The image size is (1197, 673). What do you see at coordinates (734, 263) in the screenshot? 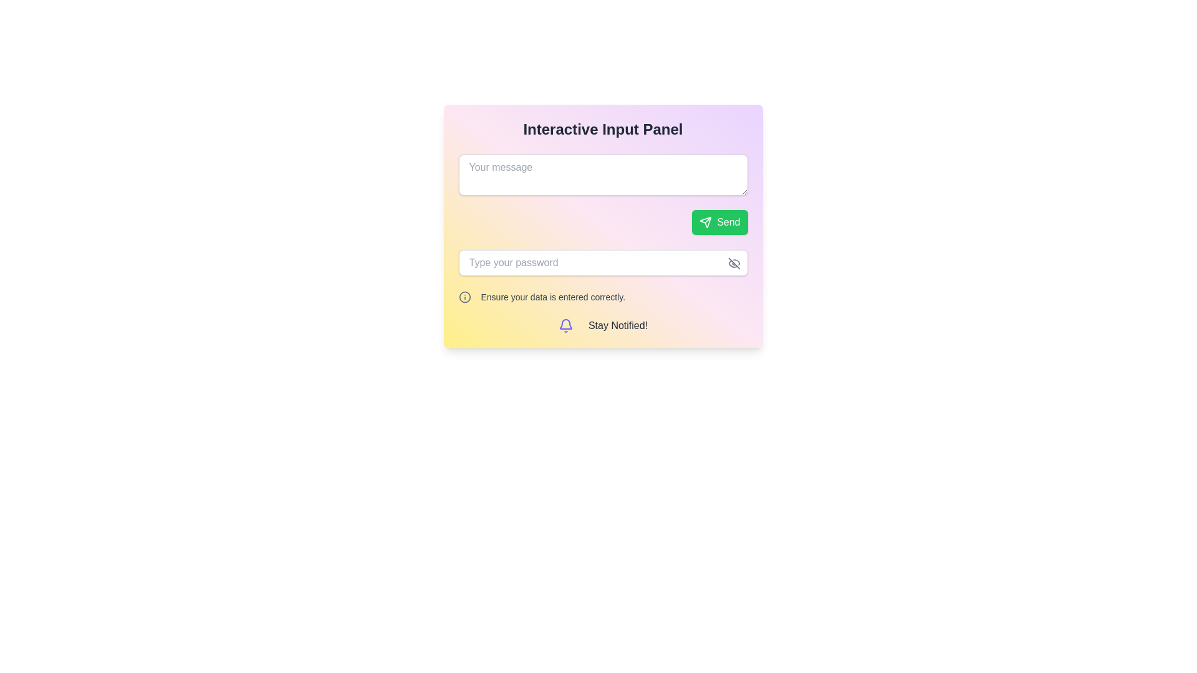
I see `the bottom-most diagonal line of the 'eye-off' icon used` at bounding box center [734, 263].